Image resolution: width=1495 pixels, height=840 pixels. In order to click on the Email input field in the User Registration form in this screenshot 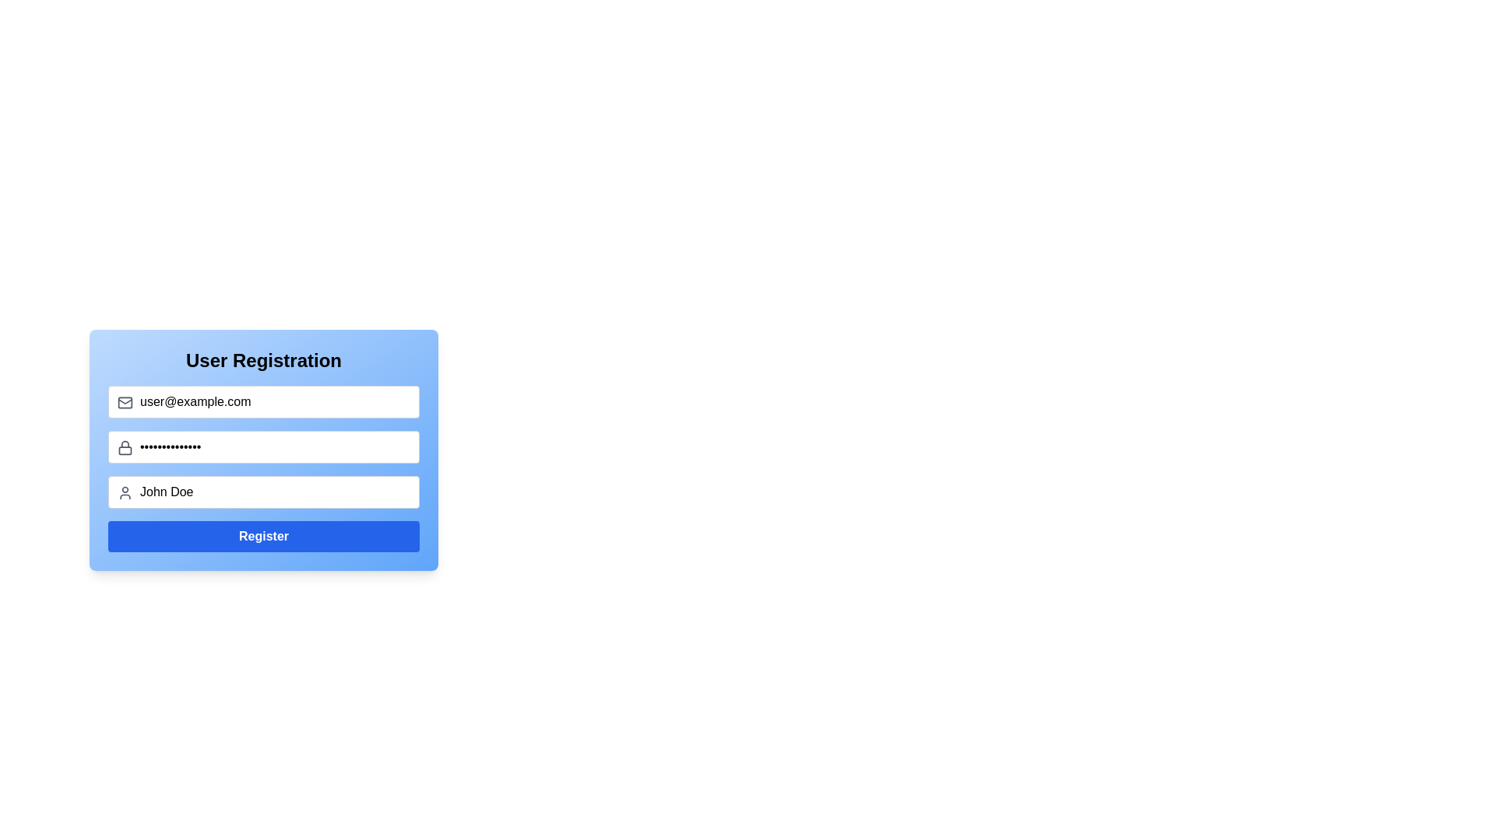, I will do `click(264, 401)`.